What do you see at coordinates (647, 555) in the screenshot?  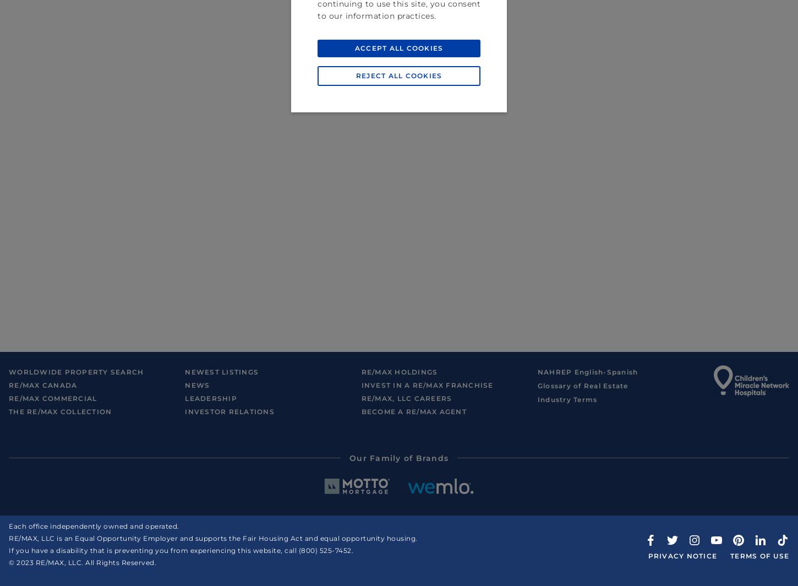 I see `'Privacy Notice'` at bounding box center [647, 555].